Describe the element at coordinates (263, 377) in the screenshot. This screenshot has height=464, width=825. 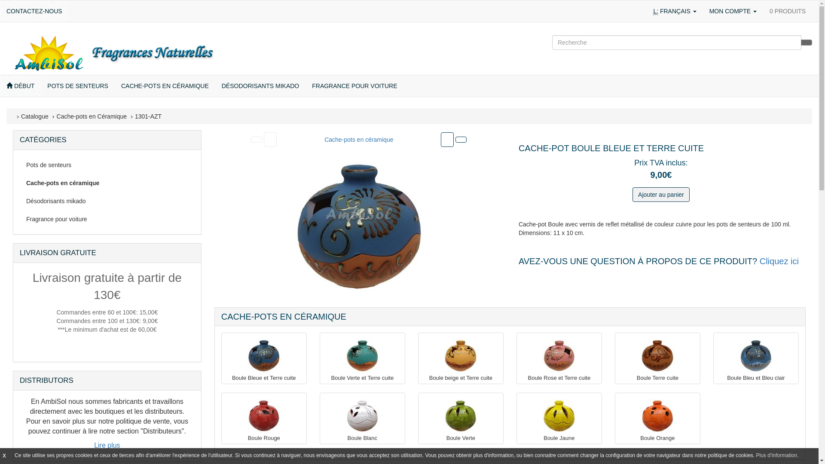
I see `'Boule Bleue et Terre cuite'` at that location.